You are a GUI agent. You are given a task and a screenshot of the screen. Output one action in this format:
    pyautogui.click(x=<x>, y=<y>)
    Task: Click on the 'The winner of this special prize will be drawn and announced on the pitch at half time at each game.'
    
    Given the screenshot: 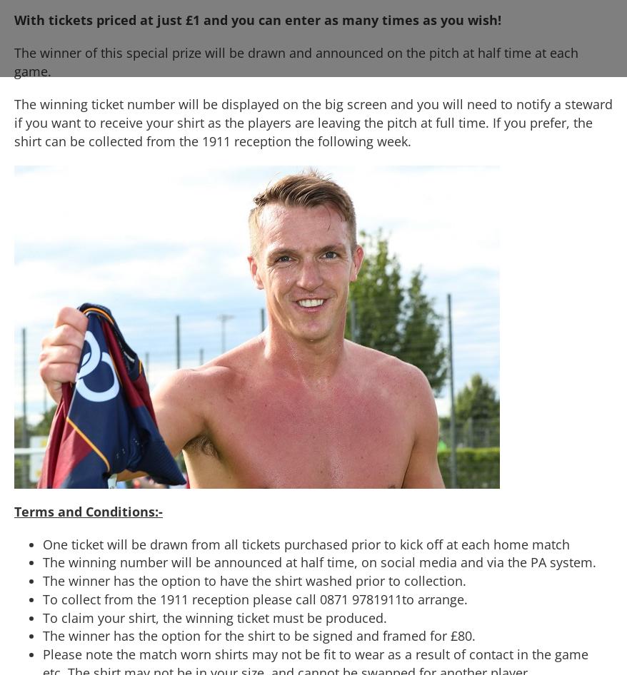 What is the action you would take?
    pyautogui.click(x=296, y=60)
    